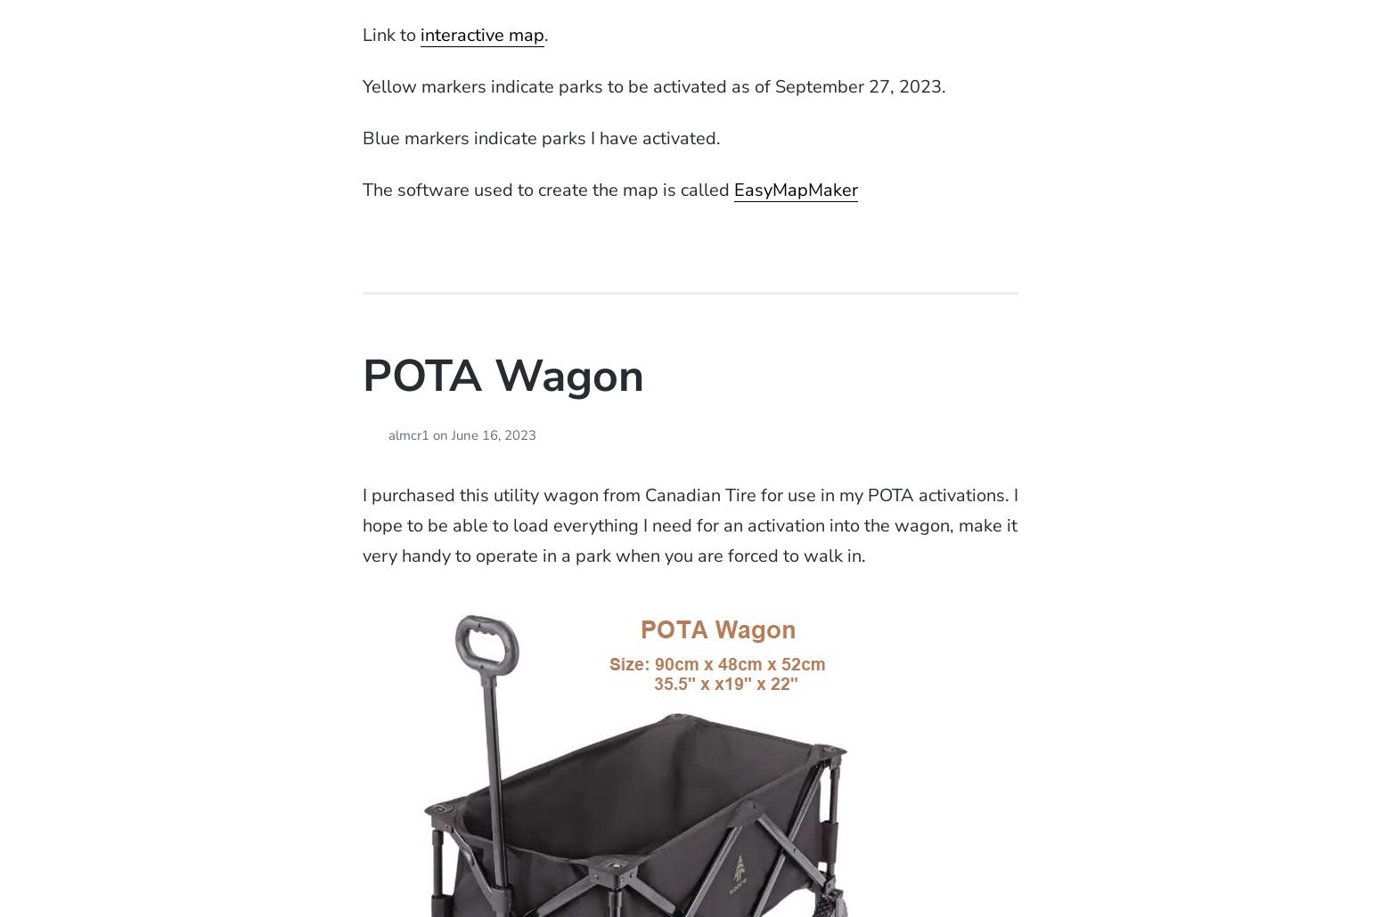 The image size is (1381, 917). Describe the element at coordinates (545, 34) in the screenshot. I see `'.'` at that location.